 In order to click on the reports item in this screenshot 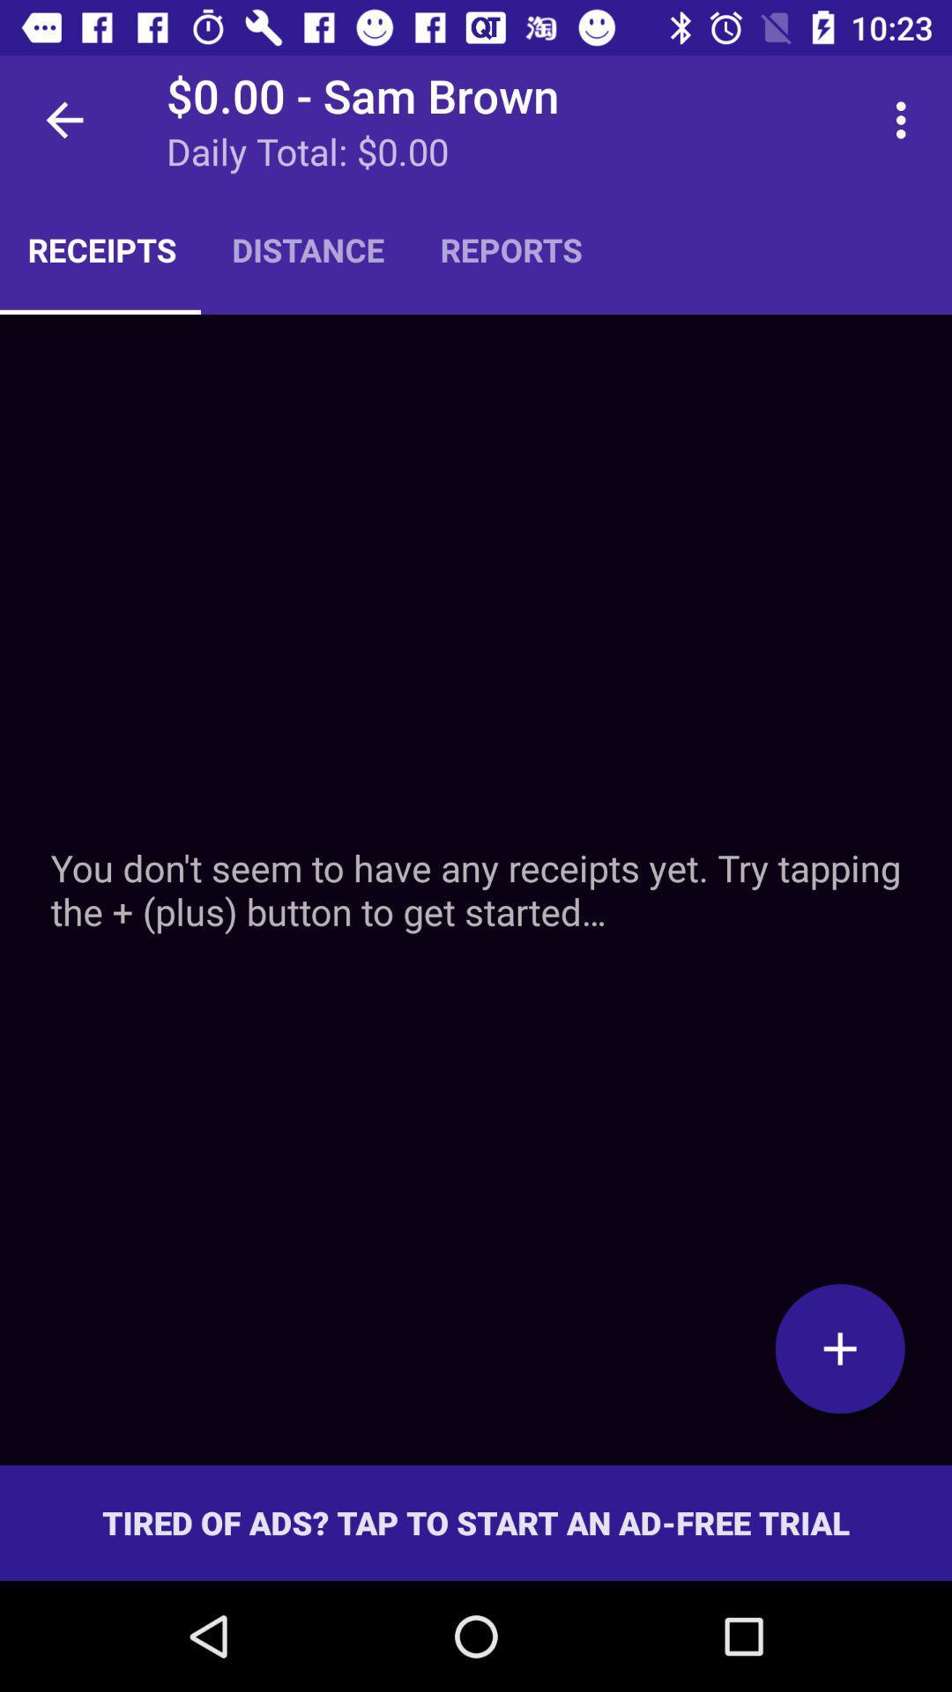, I will do `click(511, 249)`.